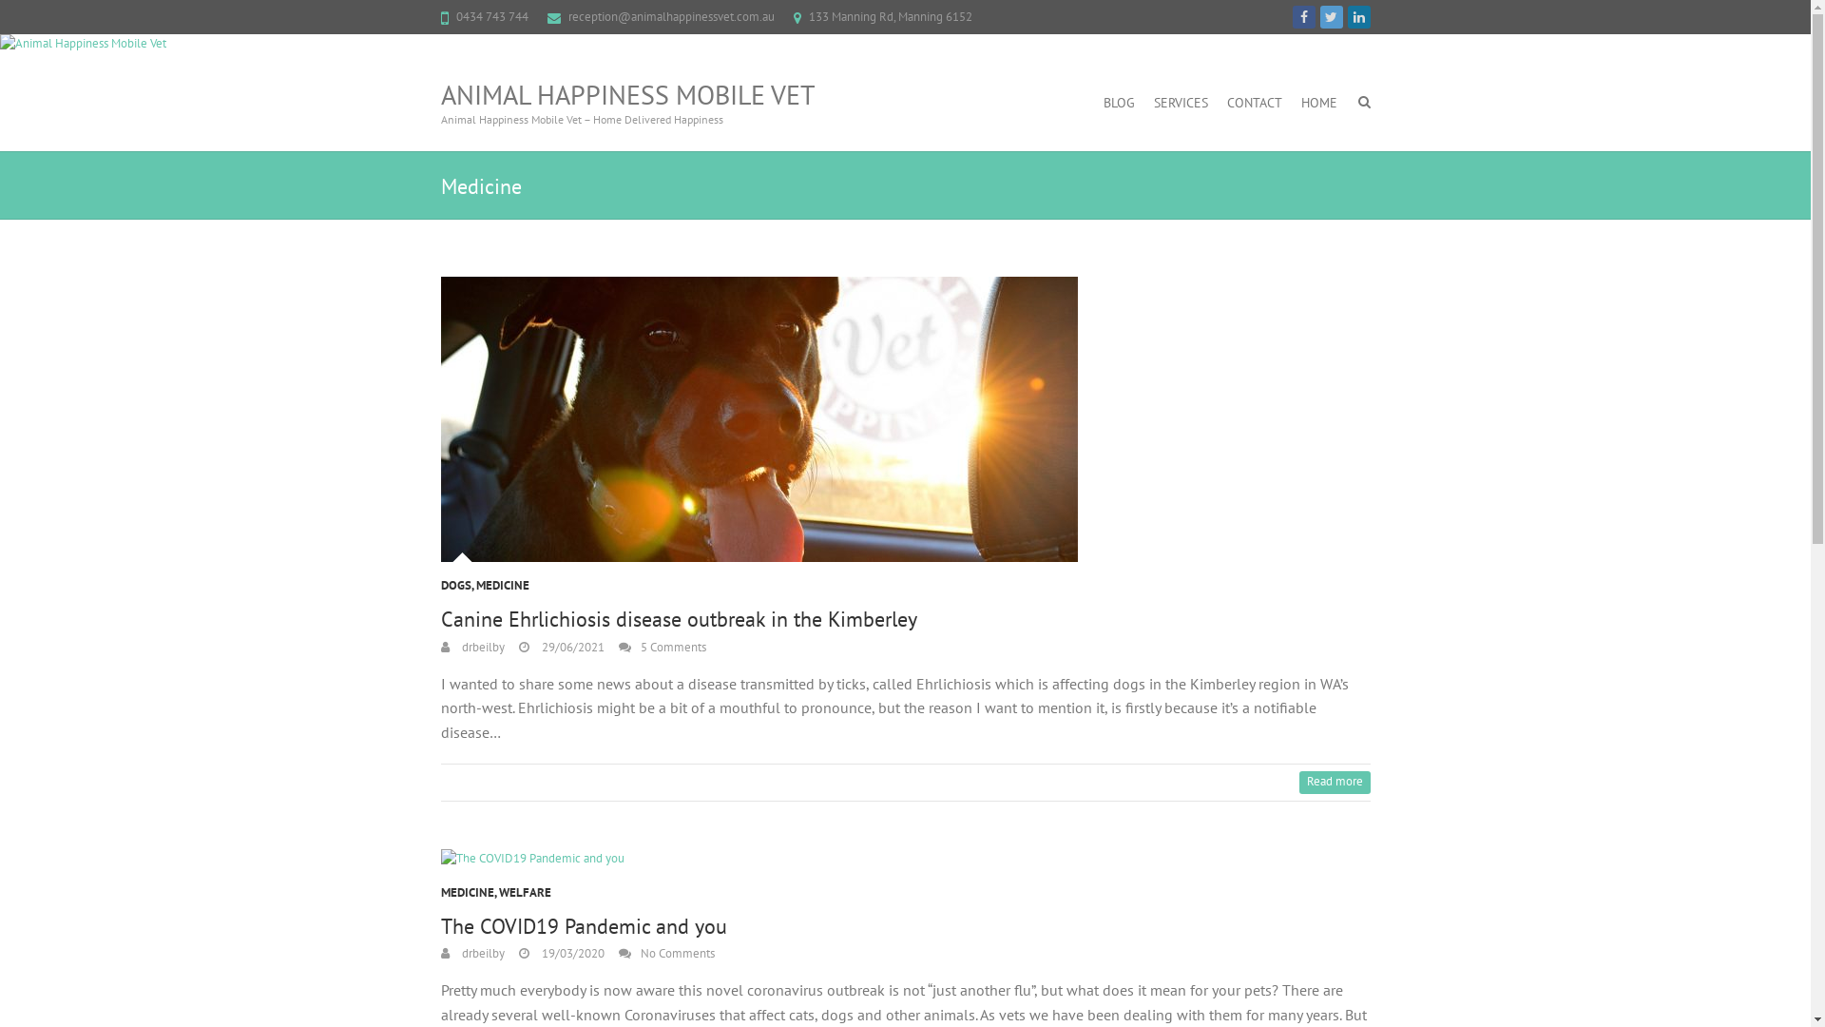  I want to click on '5 Comments', so click(662, 646).